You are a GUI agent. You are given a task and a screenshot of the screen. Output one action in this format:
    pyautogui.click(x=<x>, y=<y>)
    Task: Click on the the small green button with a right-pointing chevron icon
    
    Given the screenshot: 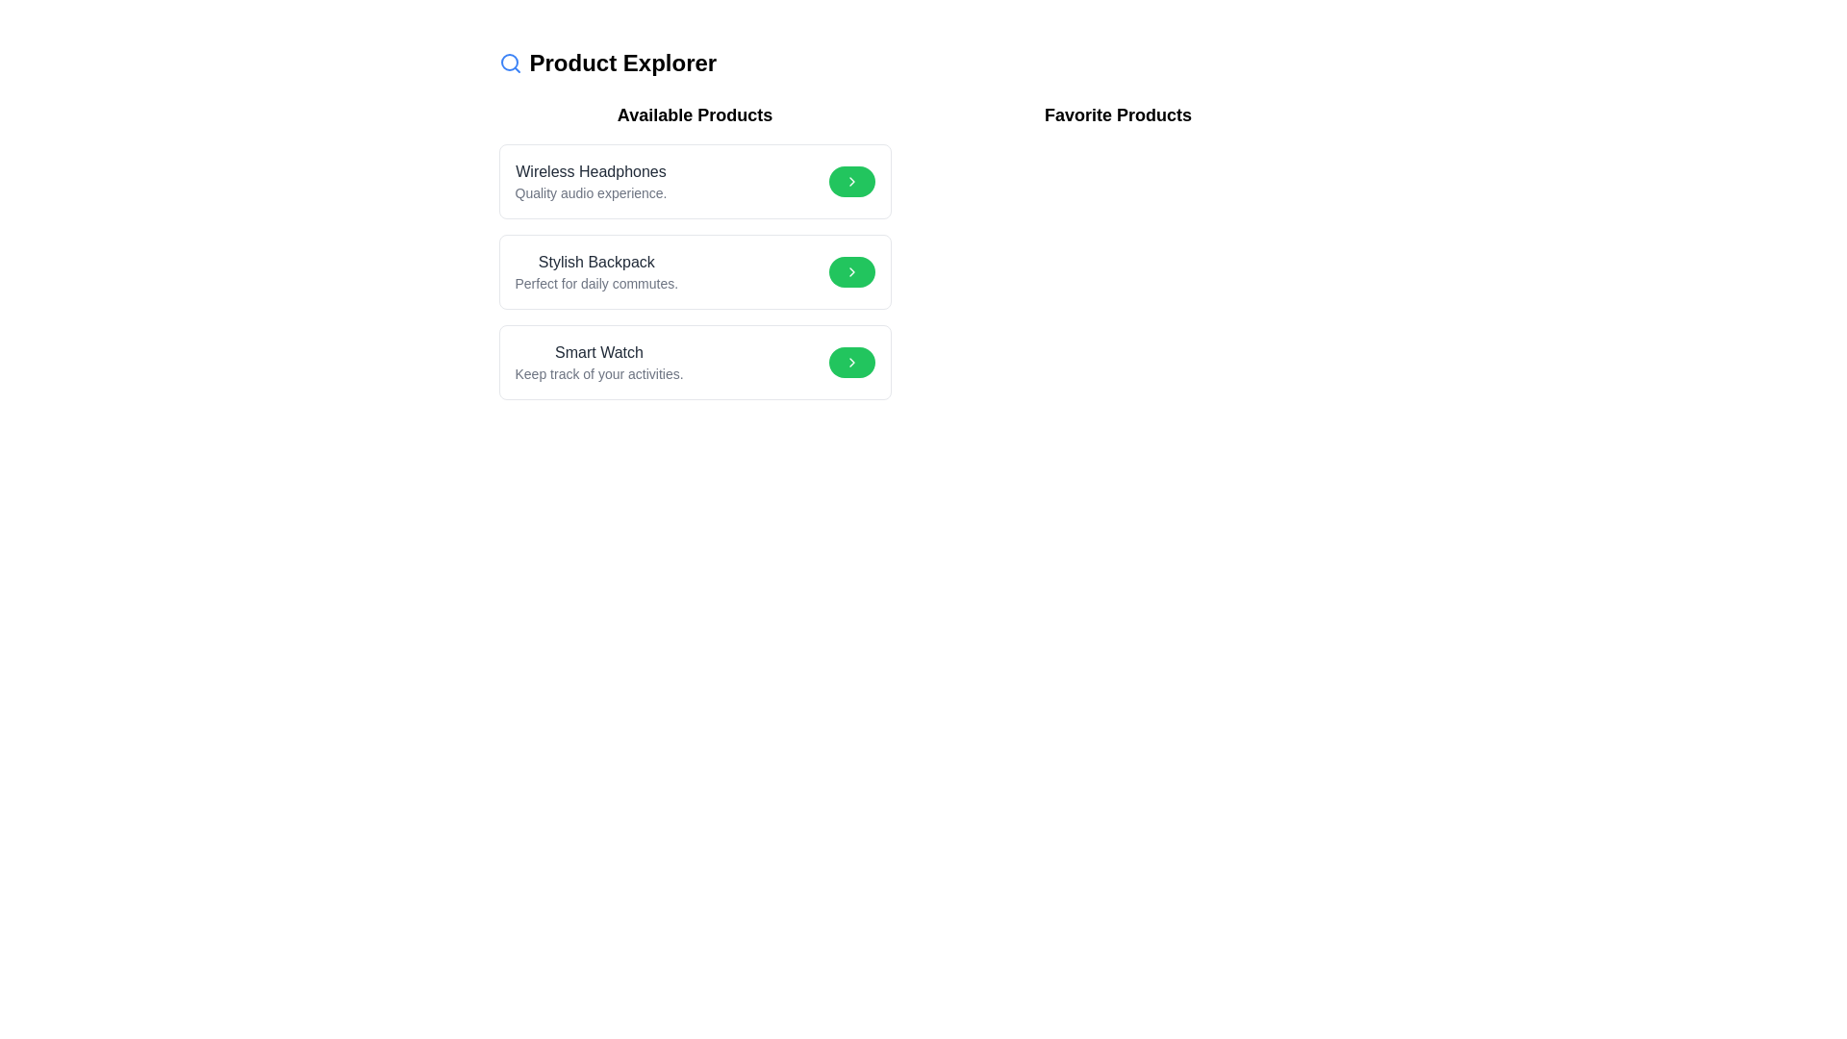 What is the action you would take?
    pyautogui.click(x=850, y=271)
    